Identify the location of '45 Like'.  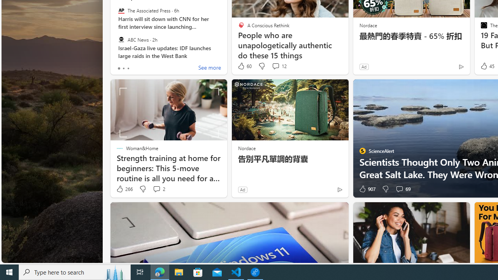
(486, 66).